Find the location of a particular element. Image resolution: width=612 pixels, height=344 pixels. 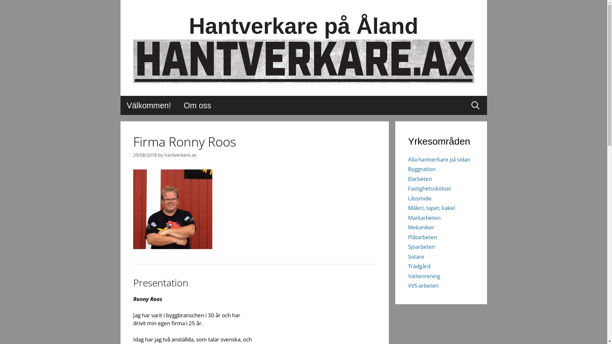

'Om oss' is located at coordinates (177, 105).